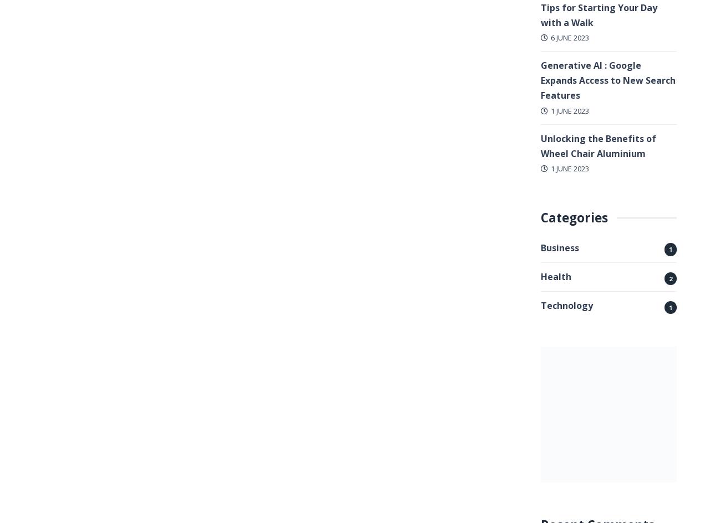 The width and height of the screenshot is (710, 523). I want to click on 'Generative AI : Google Expands Access to New Search Features', so click(607, 80).